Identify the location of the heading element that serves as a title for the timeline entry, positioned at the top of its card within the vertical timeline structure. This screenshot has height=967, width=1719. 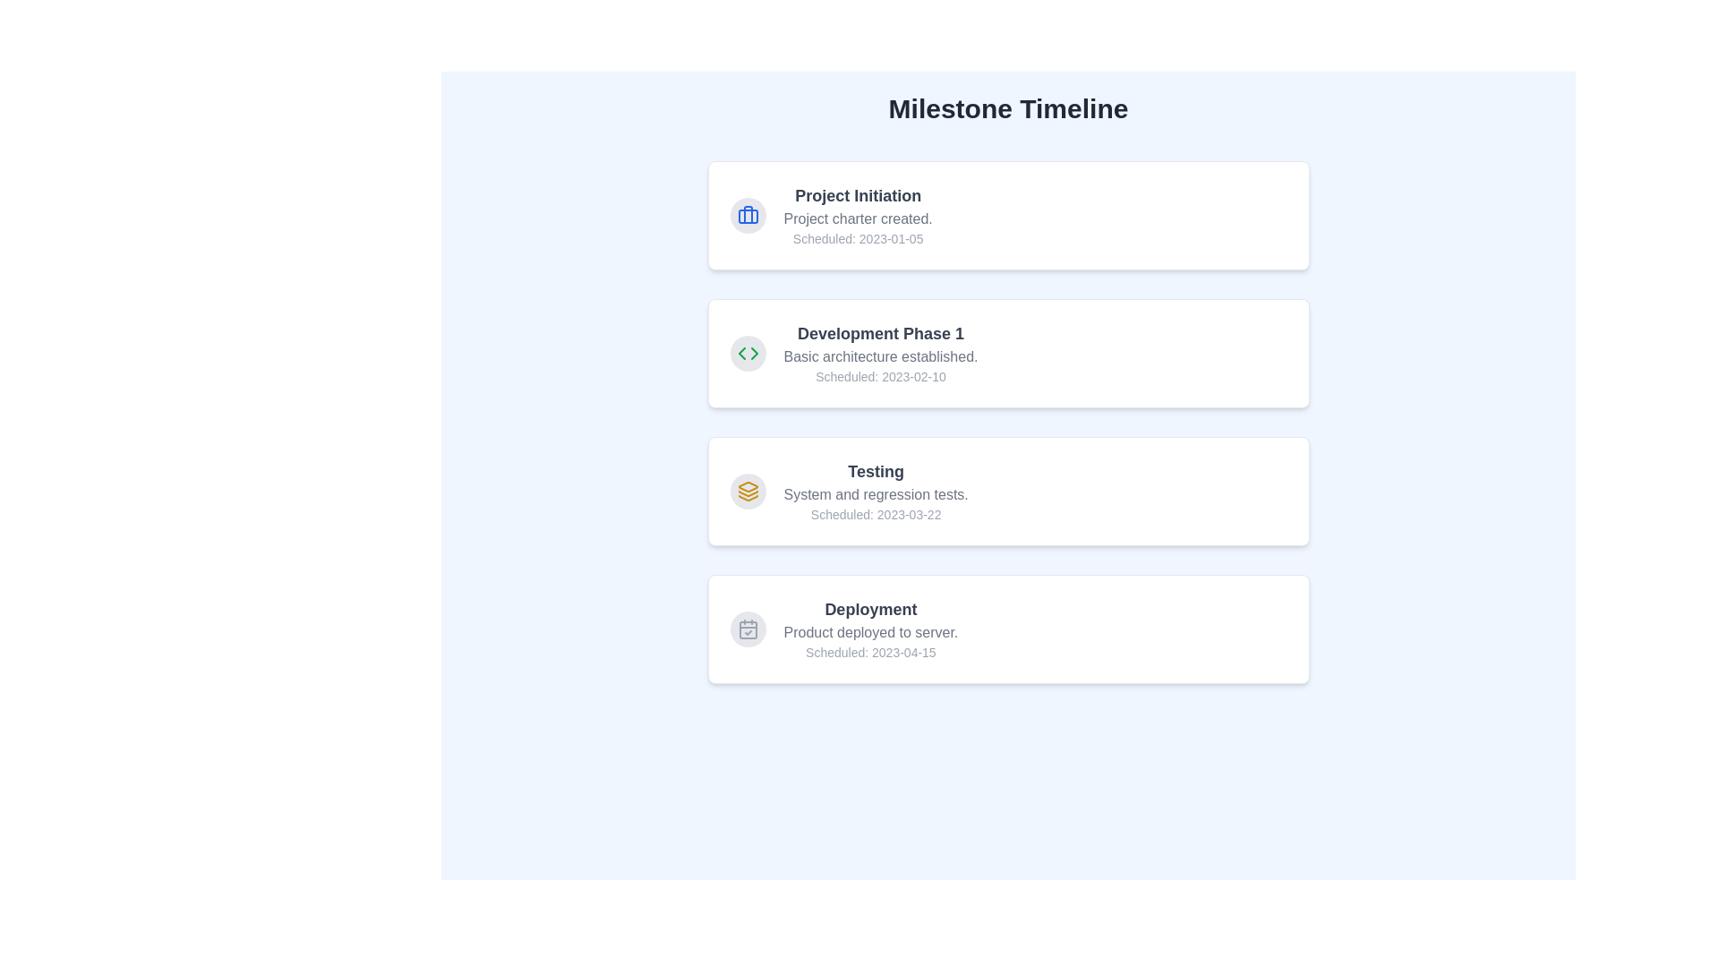
(870, 609).